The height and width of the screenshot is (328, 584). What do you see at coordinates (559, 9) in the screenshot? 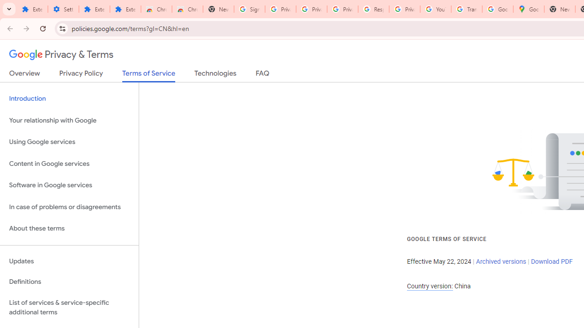
I see `'New Tab'` at bounding box center [559, 9].